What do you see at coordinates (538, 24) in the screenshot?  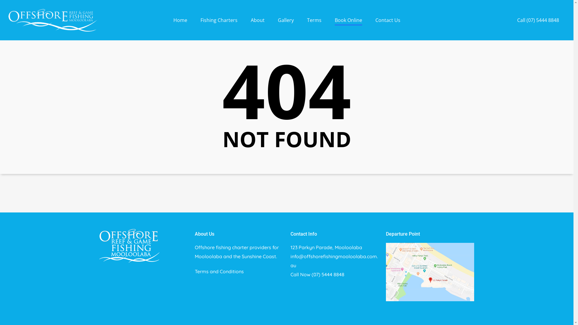 I see `'Call (07) 5444 8848'` at bounding box center [538, 24].